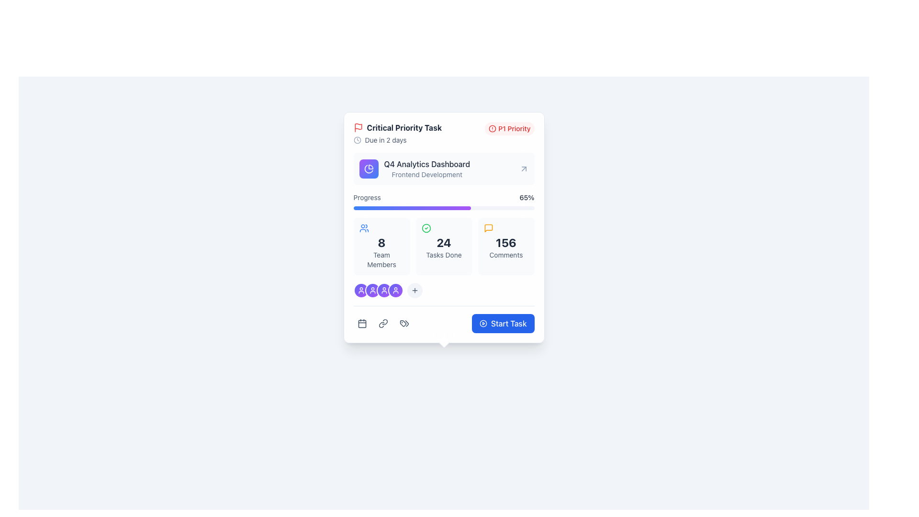 This screenshot has height=517, width=919. Describe the element at coordinates (404, 323) in the screenshot. I see `the third button from the left in a horizontal series of three buttons near the bottom of the task card` at that location.